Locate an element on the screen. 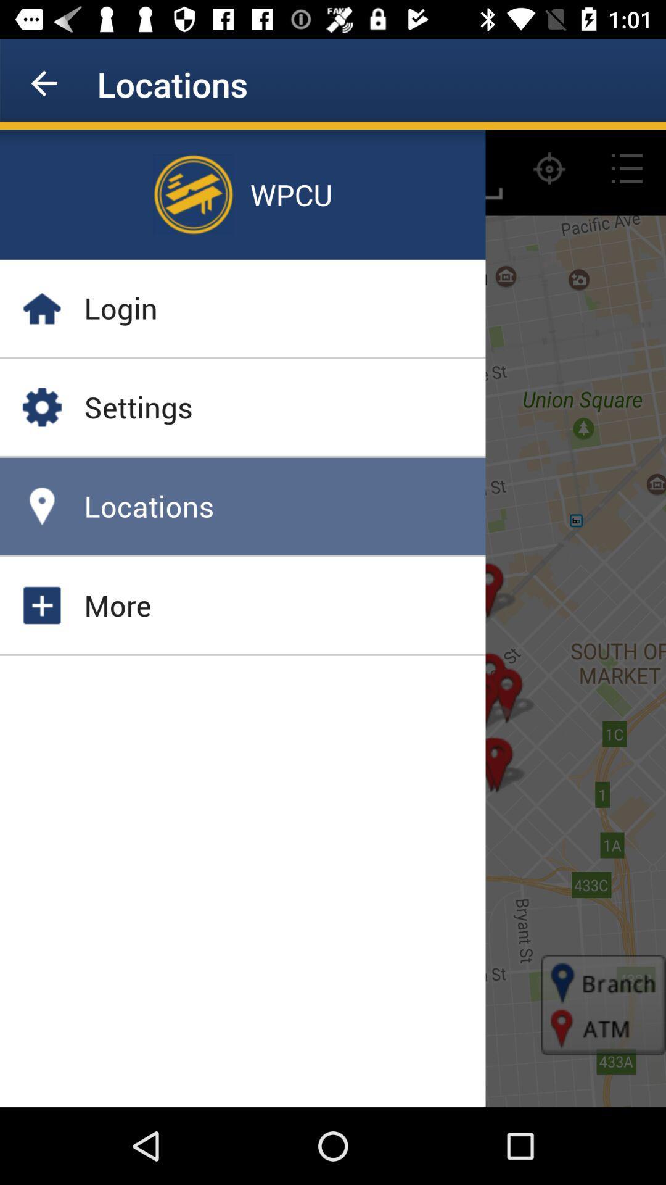 Image resolution: width=666 pixels, height=1185 pixels. the location_crosshair icon is located at coordinates (549, 168).